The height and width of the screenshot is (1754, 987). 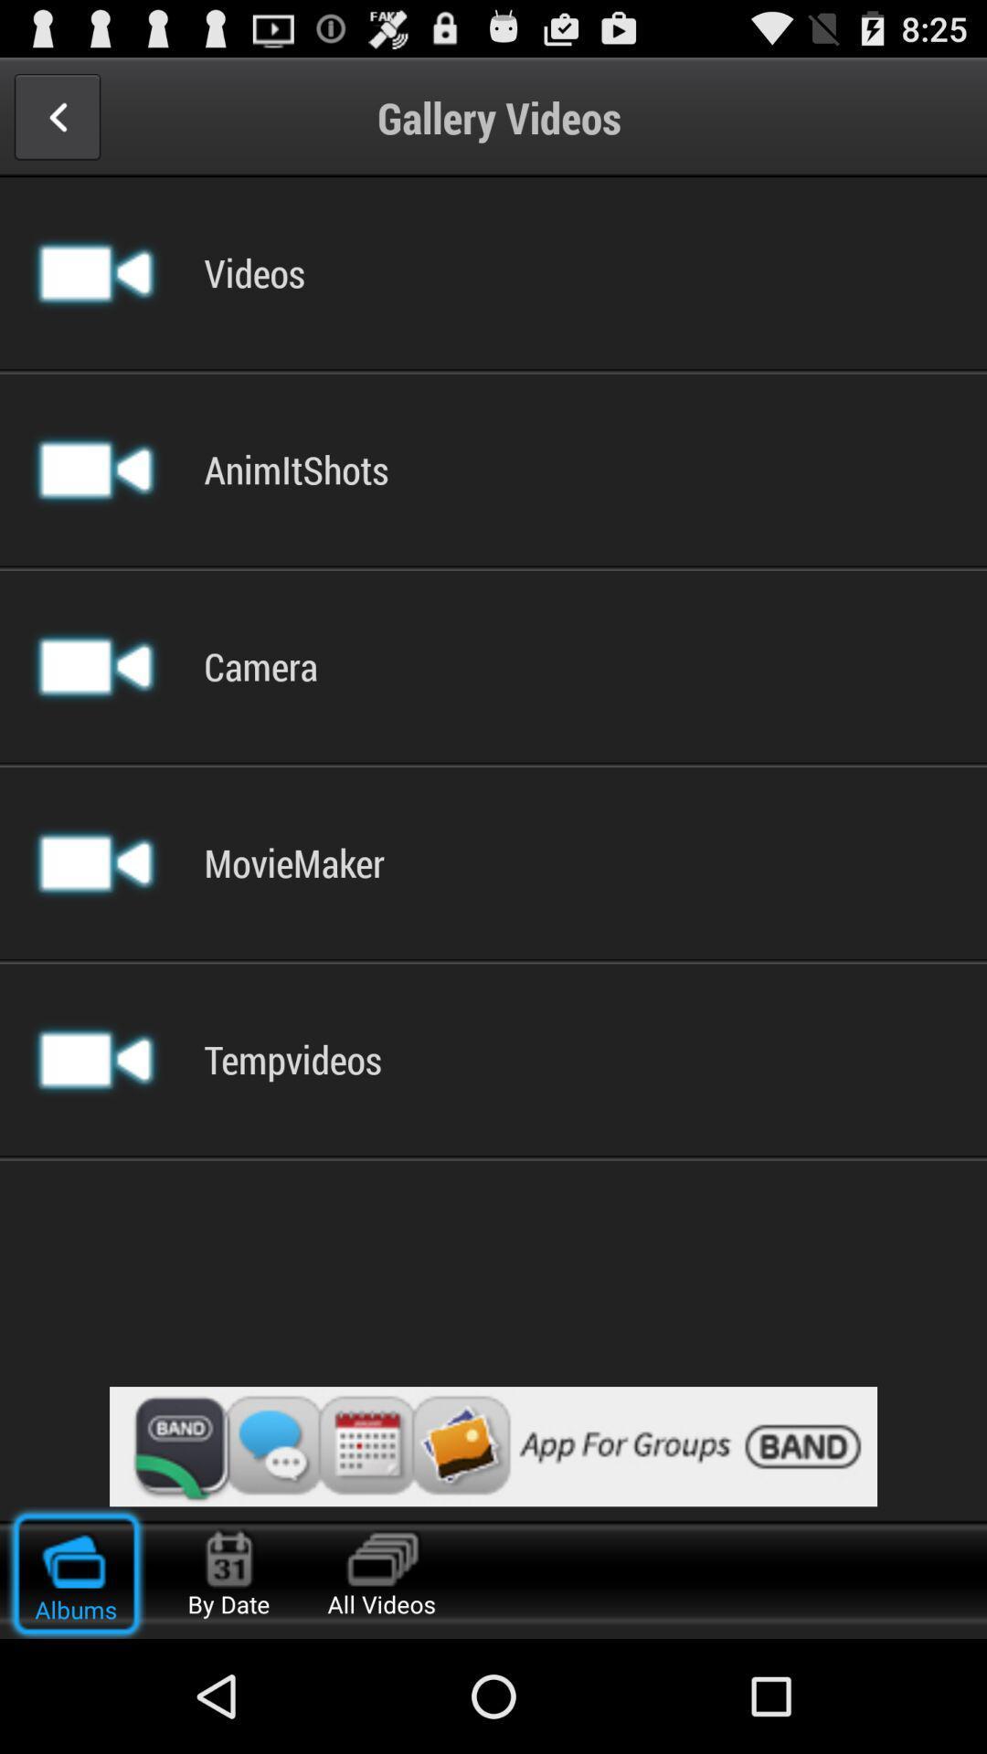 I want to click on the arrow_backward icon, so click(x=56, y=124).